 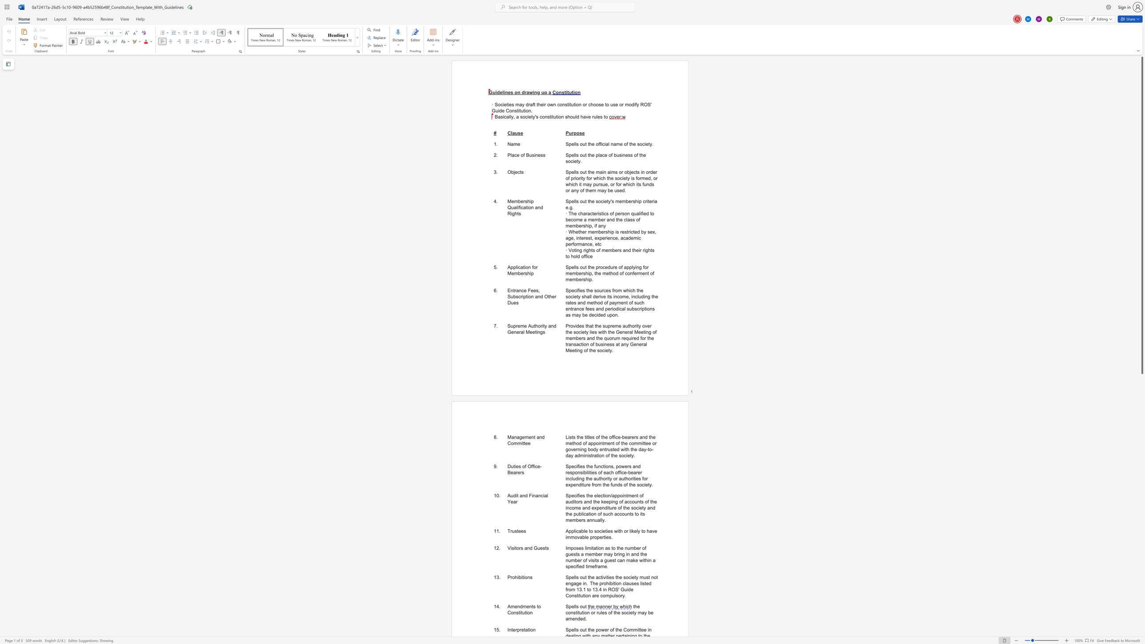 I want to click on the subset text "tion or r" within the text "the constitution or rules of the society may be amended.", so click(x=582, y=612).